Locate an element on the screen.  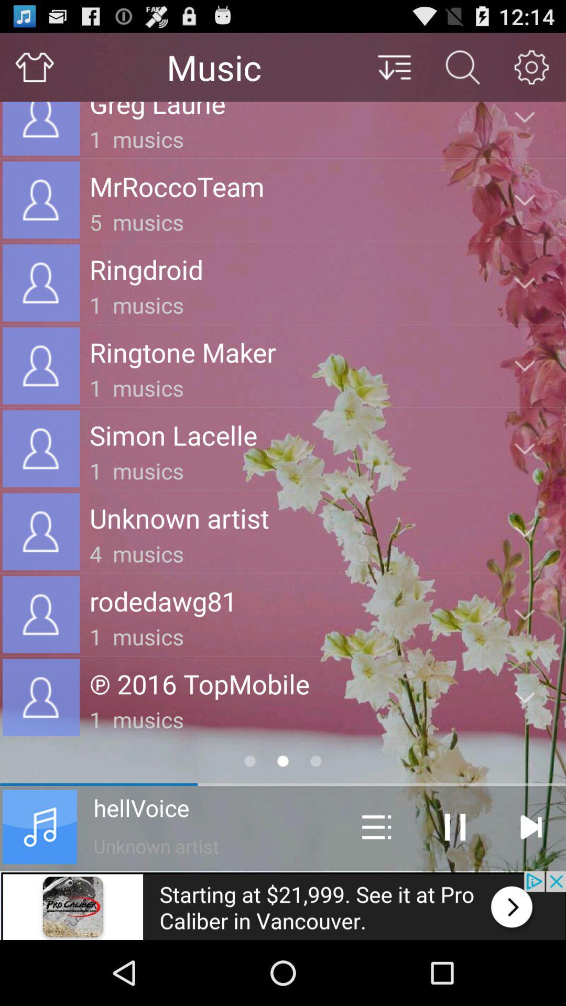
the home icon is located at coordinates (34, 71).